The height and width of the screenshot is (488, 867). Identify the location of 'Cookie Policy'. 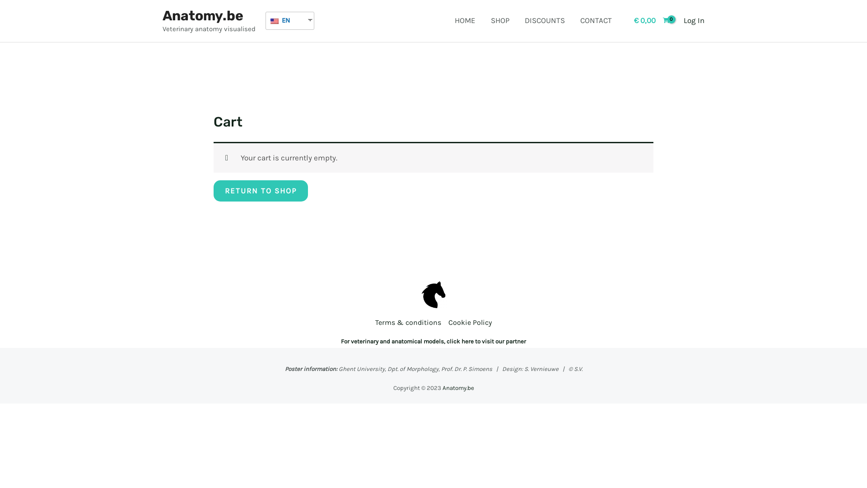
(468, 322).